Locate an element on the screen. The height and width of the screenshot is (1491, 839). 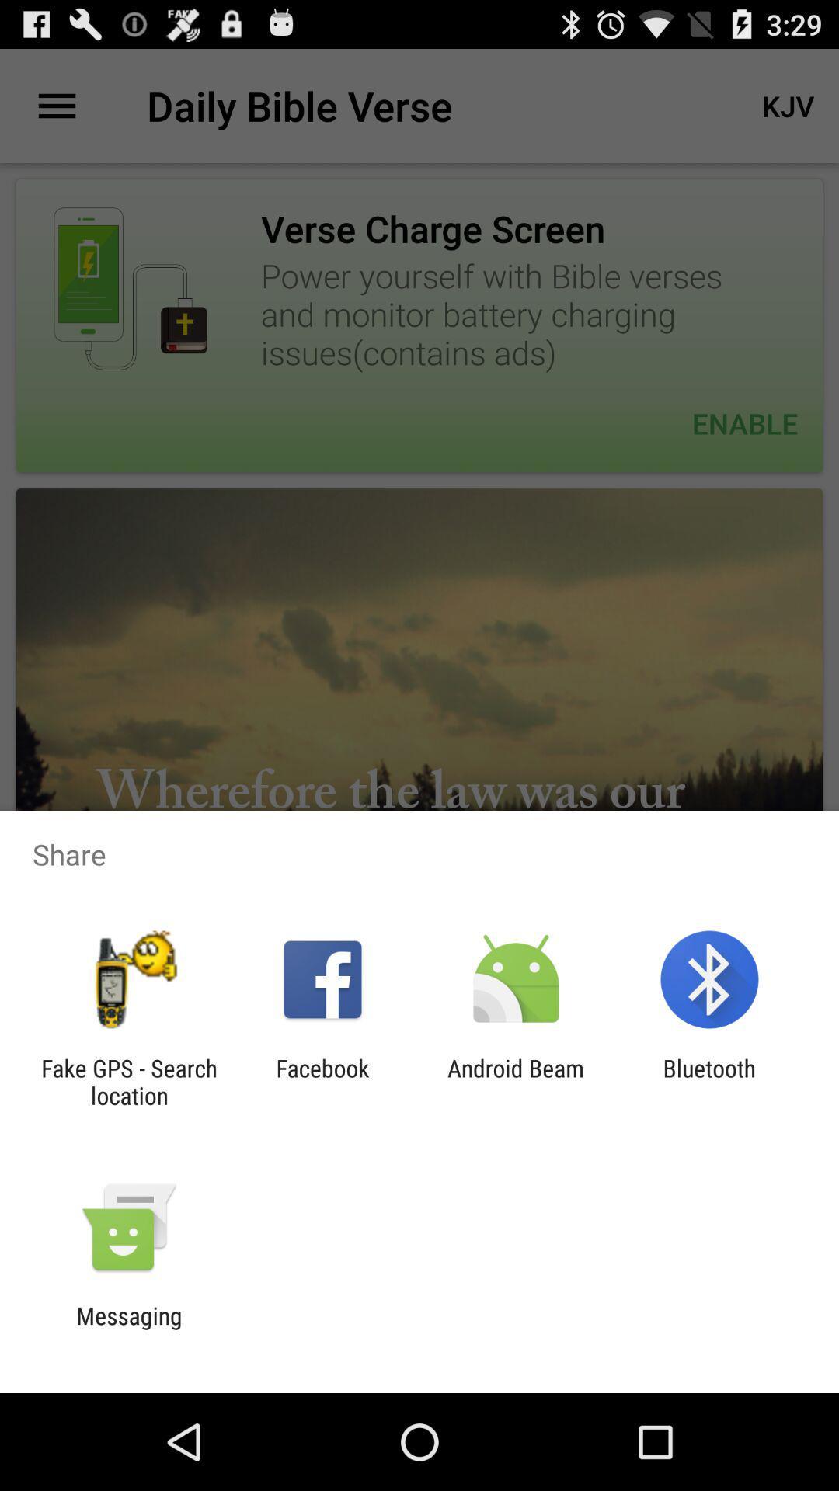
the item at the bottom right corner is located at coordinates (709, 1081).